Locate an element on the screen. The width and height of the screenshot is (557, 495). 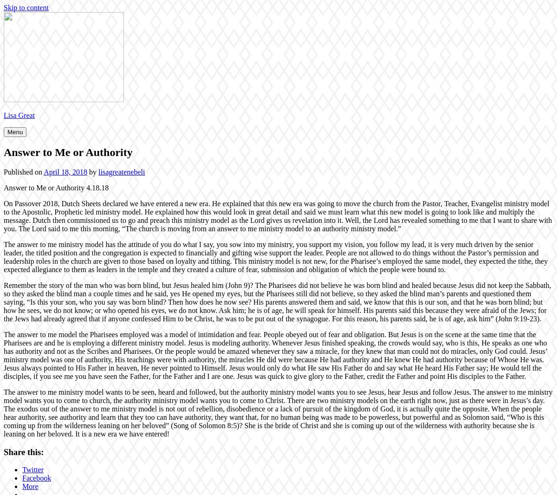
'Remember the story of the man who was born blind, but Jesus healed him (John 9)? The Pharisees did not believe he was born blind and healed because Jesus did not keep the Sabbath, so they asked the blind man a couple times and he said, yes He opened my eyes, but the Pharisees still did not believe, so they asked the blind man’s parents and questioned them saying, “Is this your son, who you say was born blind? Then how does he now see? His parents answered them and said, we know that this is our son, and that he was born blind; but how he sees, we do not know; or who opened his eyes, we do not know. Ask him; he is of age, he will speak for himself. His parents said this because they were afraid of the Jews; for the Jews had already agreed that if anyone confessed Him to be Christ, he was to be put out of the synagogue. For this reason, his parents said, he is of age, ask him” (John 9:19-23).' is located at coordinates (277, 301).